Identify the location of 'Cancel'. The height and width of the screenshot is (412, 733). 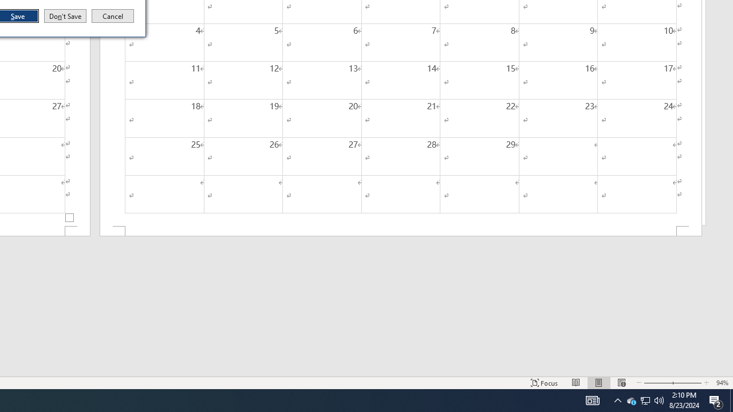
(113, 16).